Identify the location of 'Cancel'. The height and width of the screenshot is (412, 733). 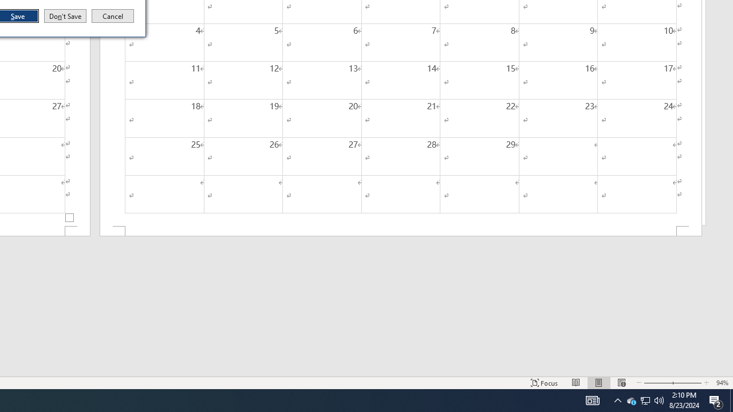
(113, 16).